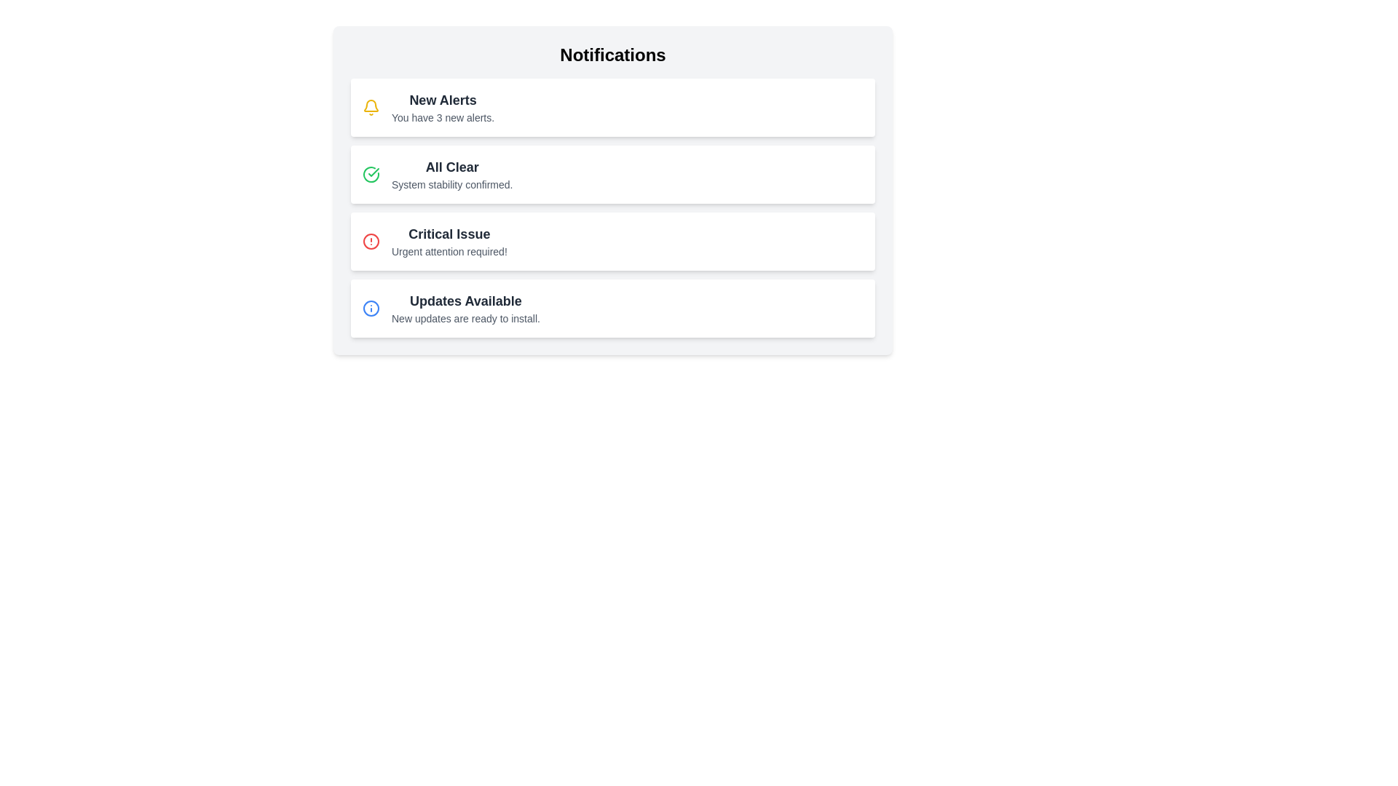  Describe the element at coordinates (612, 106) in the screenshot. I see `the 'New Alerts' notification block` at that location.